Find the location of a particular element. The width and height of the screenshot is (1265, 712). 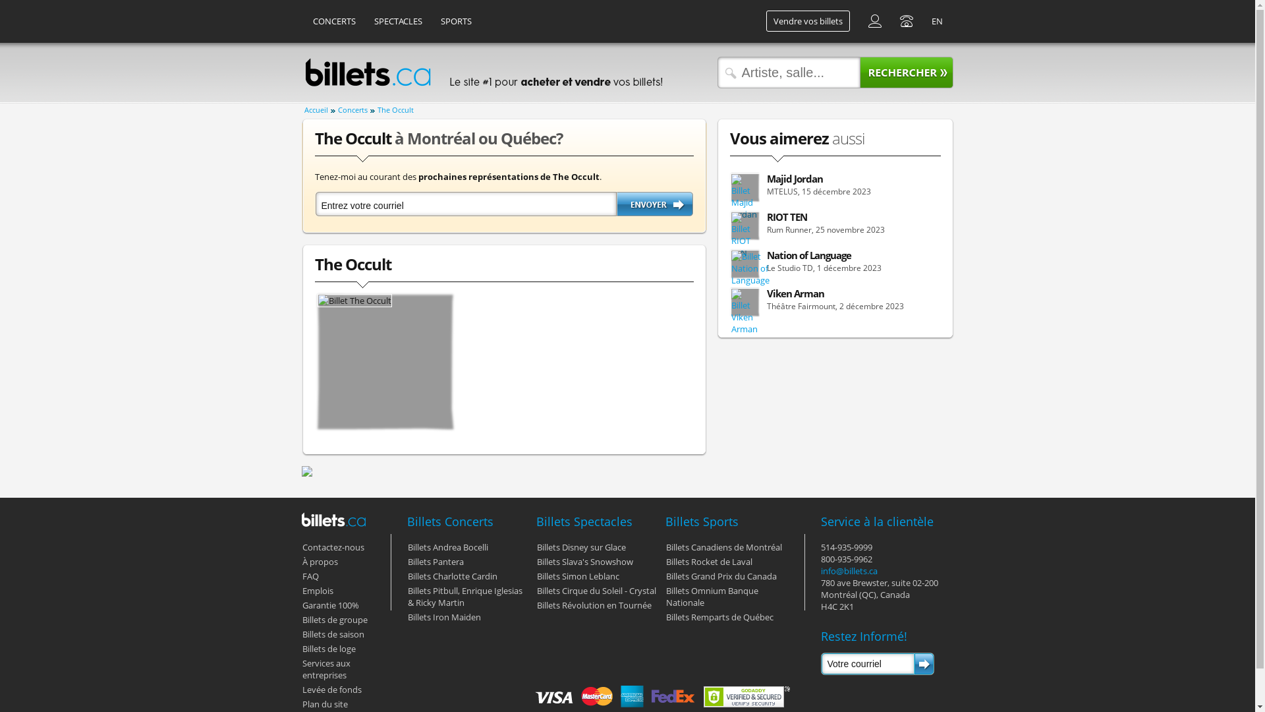

'Billets Iron Maiden' is located at coordinates (443, 617).